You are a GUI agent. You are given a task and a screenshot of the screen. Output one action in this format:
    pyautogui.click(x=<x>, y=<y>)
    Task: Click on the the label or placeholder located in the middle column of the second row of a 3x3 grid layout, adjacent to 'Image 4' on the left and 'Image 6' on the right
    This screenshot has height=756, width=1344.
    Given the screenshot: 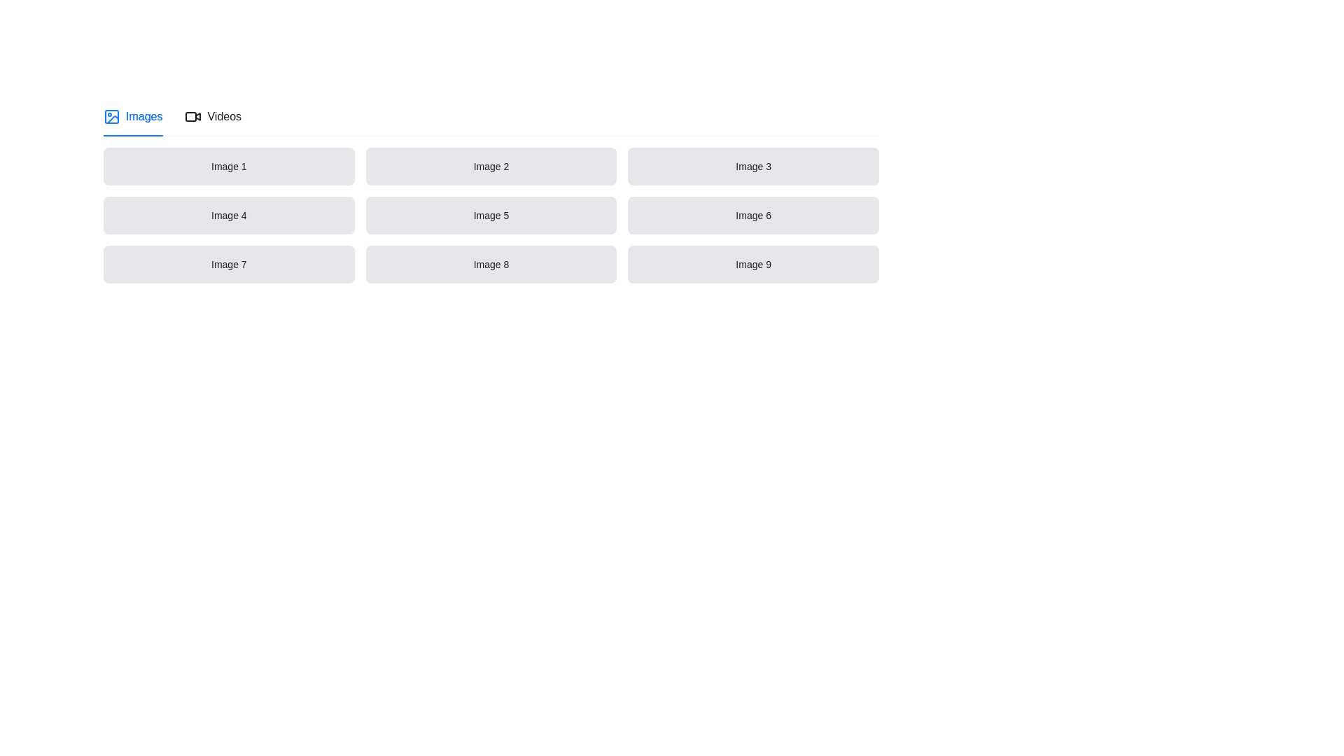 What is the action you would take?
    pyautogui.click(x=491, y=216)
    